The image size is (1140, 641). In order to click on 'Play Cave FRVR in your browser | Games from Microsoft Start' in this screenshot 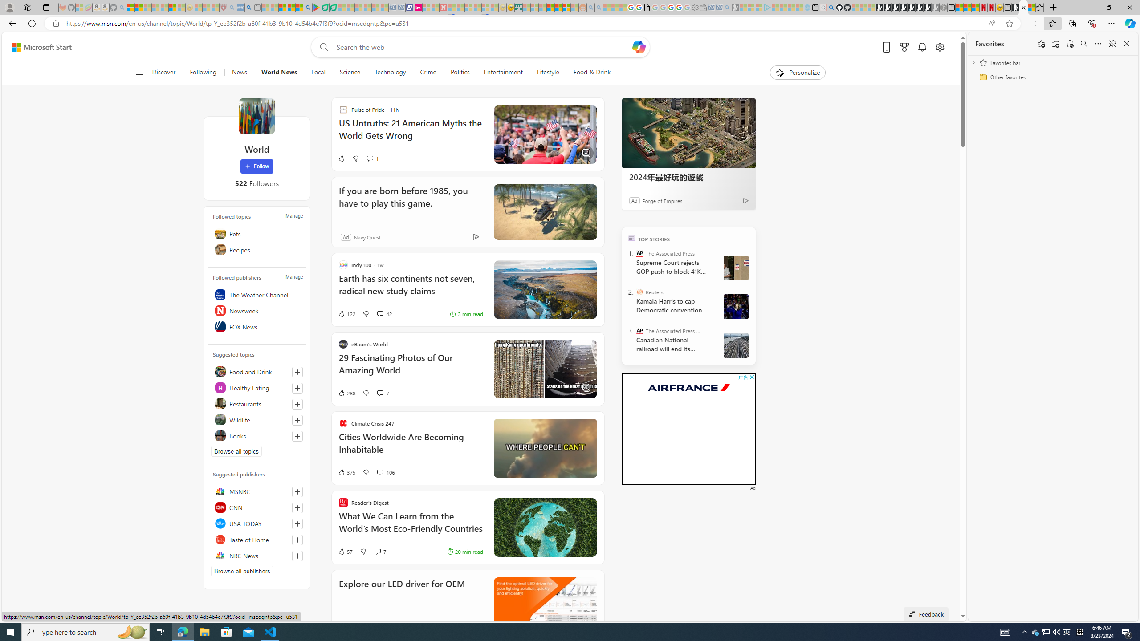, I will do `click(895, 7)`.